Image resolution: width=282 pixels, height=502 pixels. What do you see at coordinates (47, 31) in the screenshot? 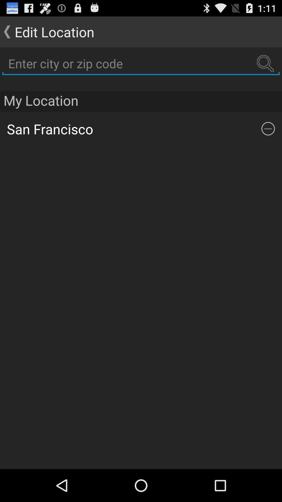
I see `the icon at the top left corner` at bounding box center [47, 31].